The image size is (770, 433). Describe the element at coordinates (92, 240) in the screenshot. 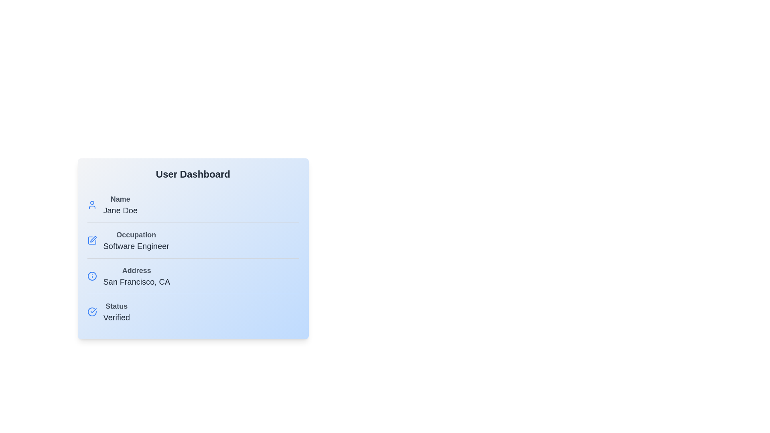

I see `the editing icon, which is a graphic representing a square outline with a pen-like stroke, located in the second row of the user dashboard next to the 'Occupation' label` at that location.